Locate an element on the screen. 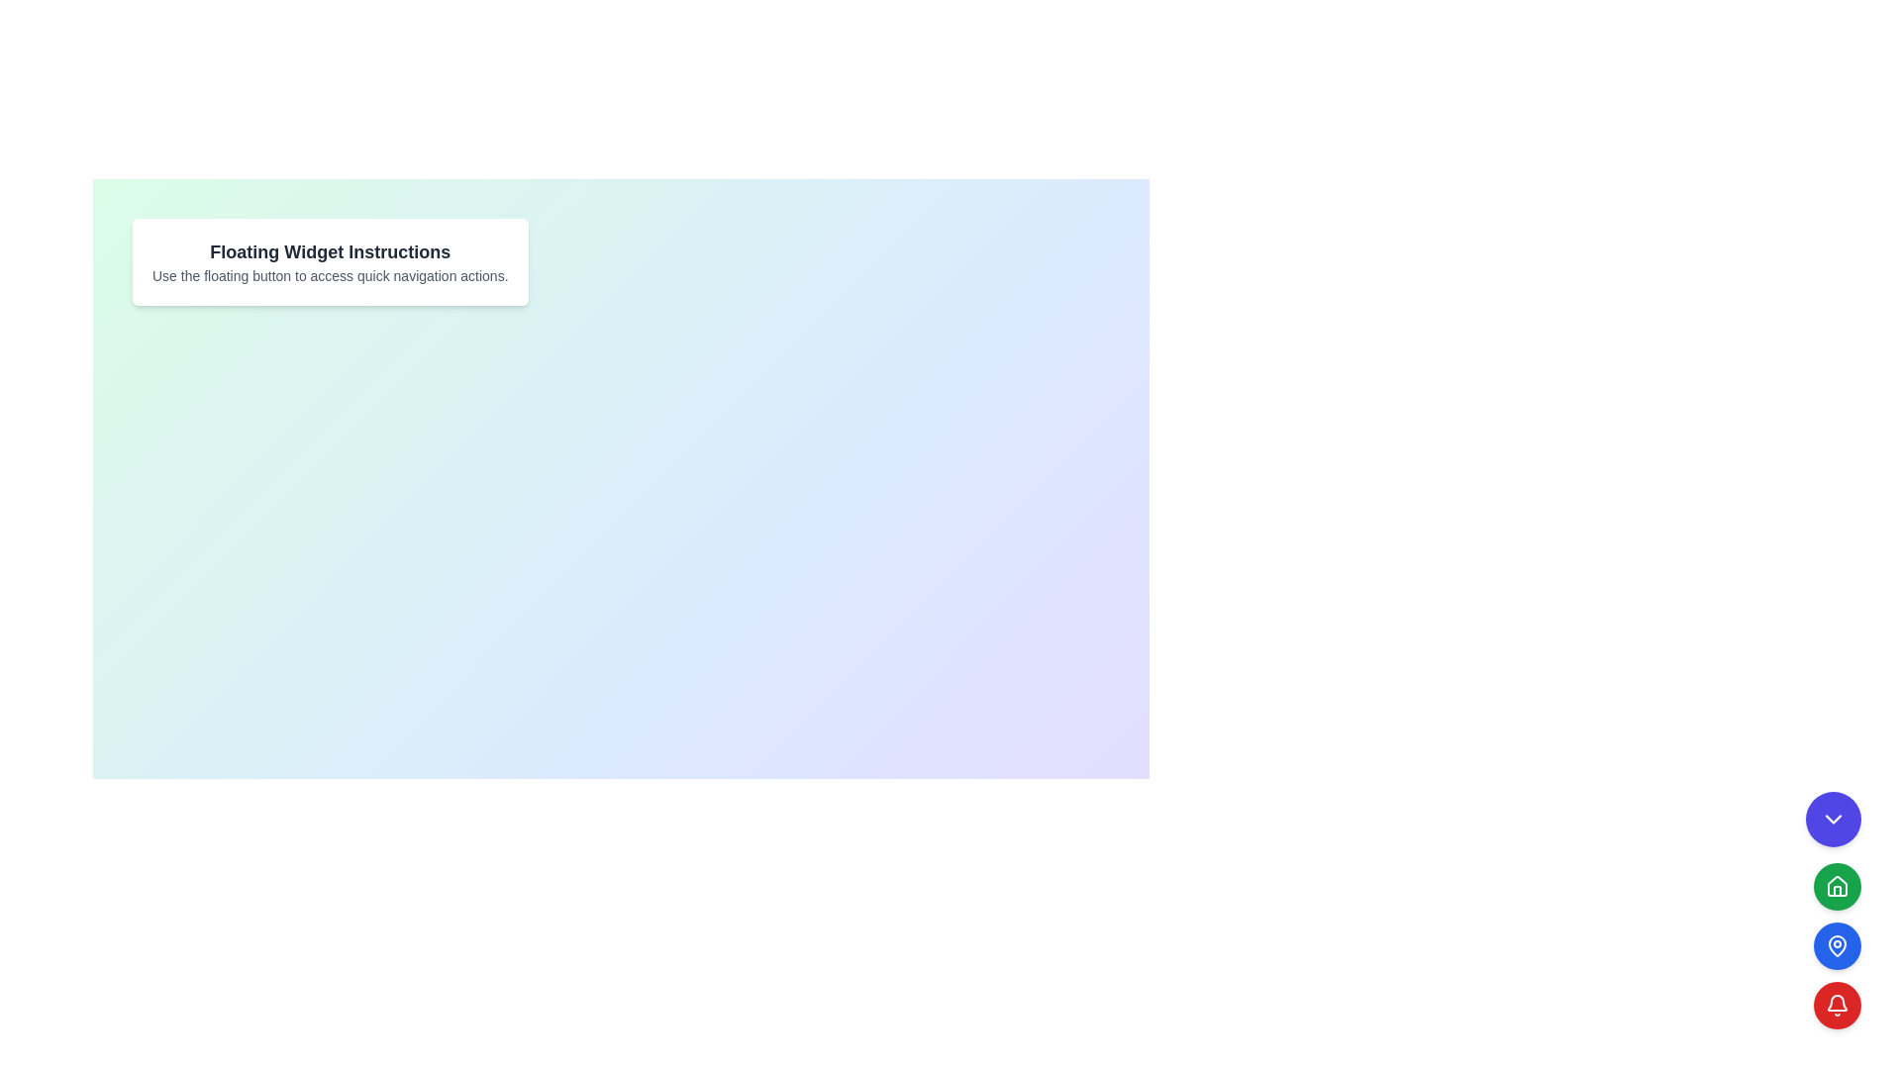 The height and width of the screenshot is (1069, 1901). the header text element styled in bold and larger font that reads 'Floating Widget Instructions', located at the top-left region of the interface is located at coordinates (330, 250).